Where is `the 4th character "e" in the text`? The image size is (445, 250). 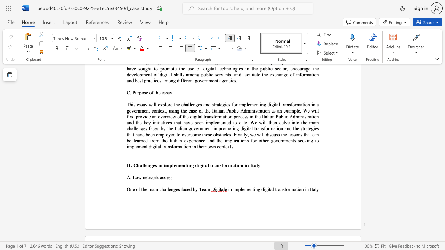
the 4th character "e" in the text is located at coordinates (181, 165).